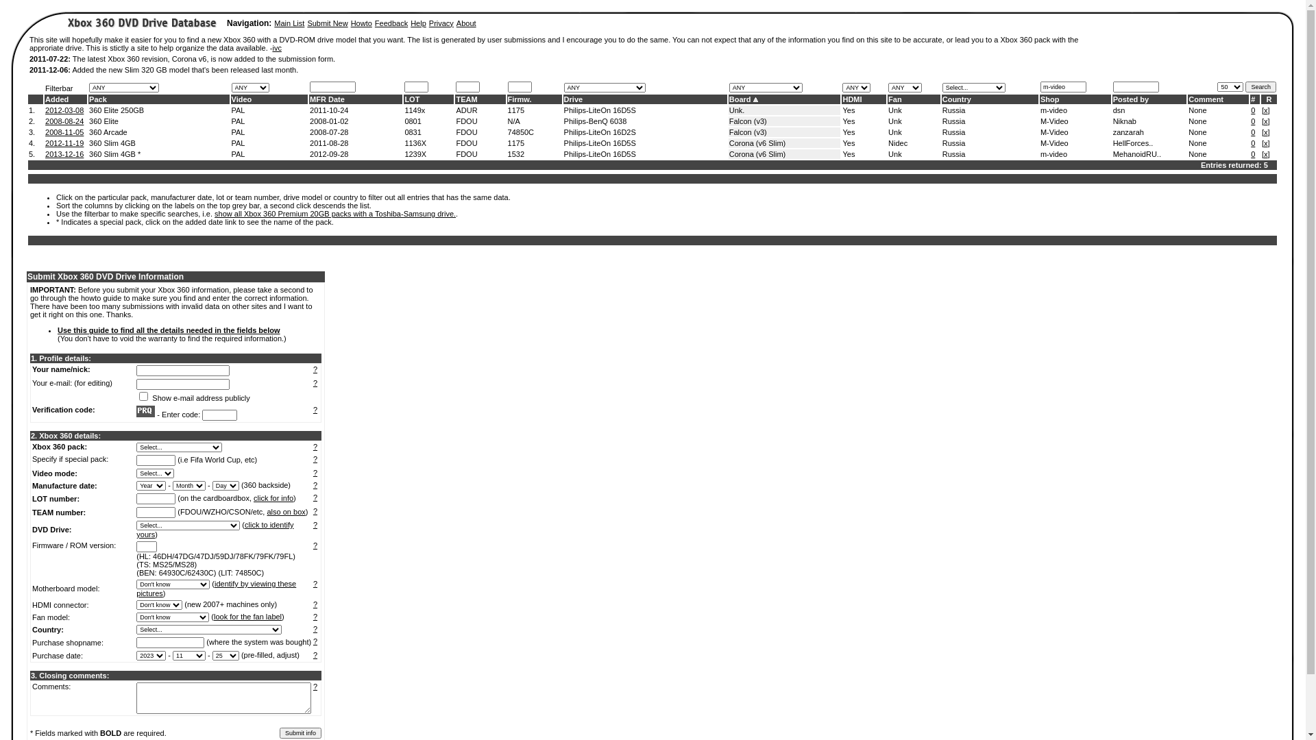 The width and height of the screenshot is (1316, 740). I want to click on 'Nidec', so click(888, 143).